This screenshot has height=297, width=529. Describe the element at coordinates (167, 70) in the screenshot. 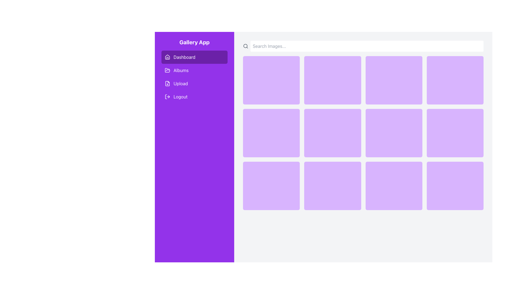

I see `the open folder SVG icon located next to the 'Albums' label in the vertical navigation menu` at that location.